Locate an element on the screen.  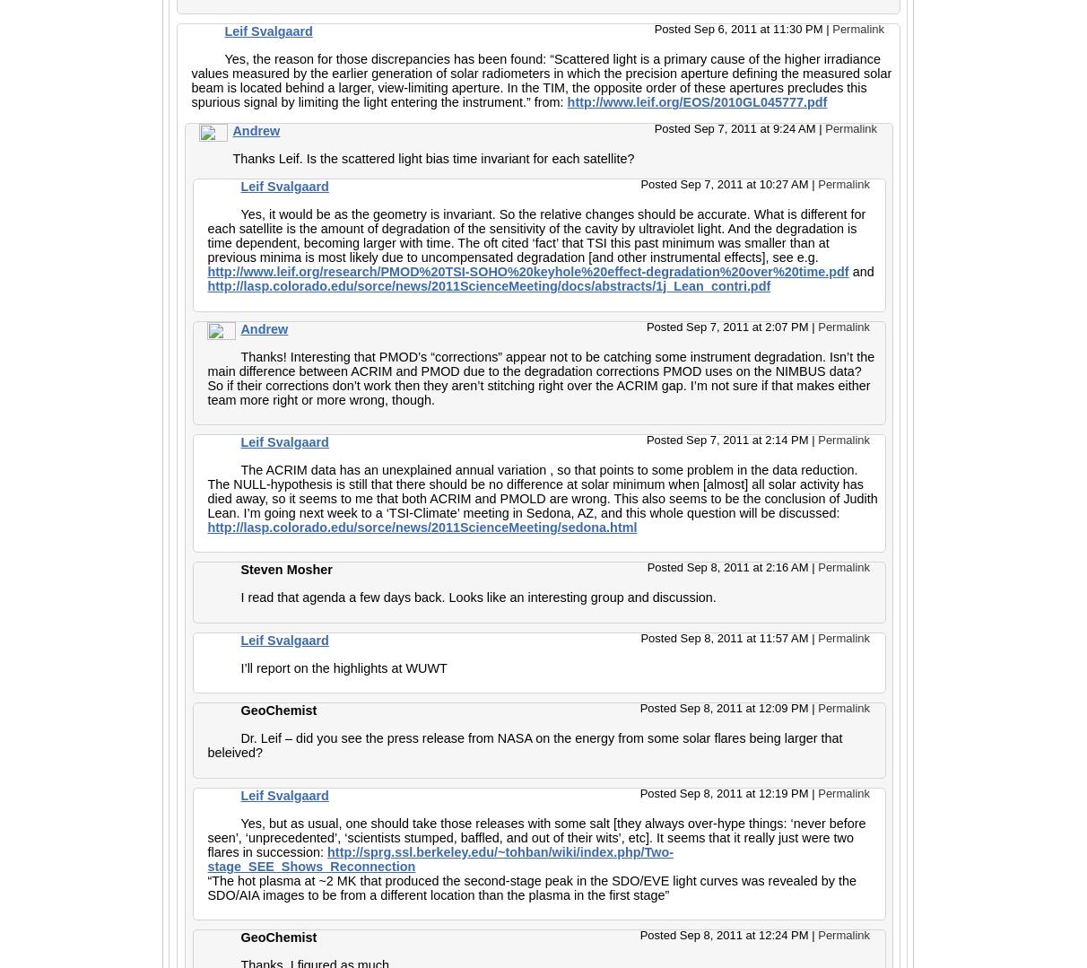
'Posted Sep 8, 2011 at 2:16 AM' is located at coordinates (647, 566).